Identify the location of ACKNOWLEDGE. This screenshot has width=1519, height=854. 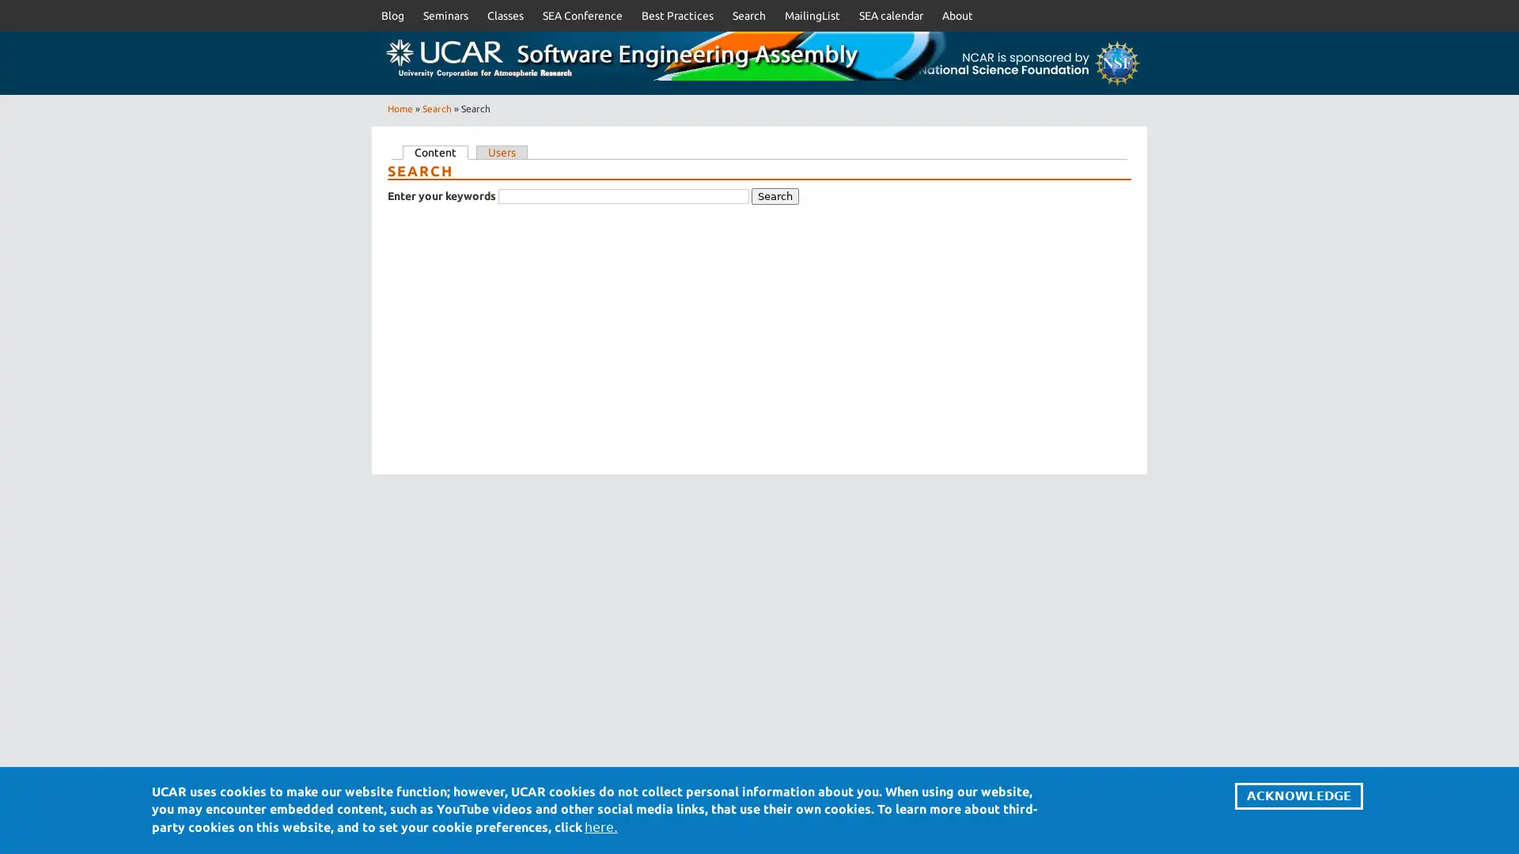
(1298, 795).